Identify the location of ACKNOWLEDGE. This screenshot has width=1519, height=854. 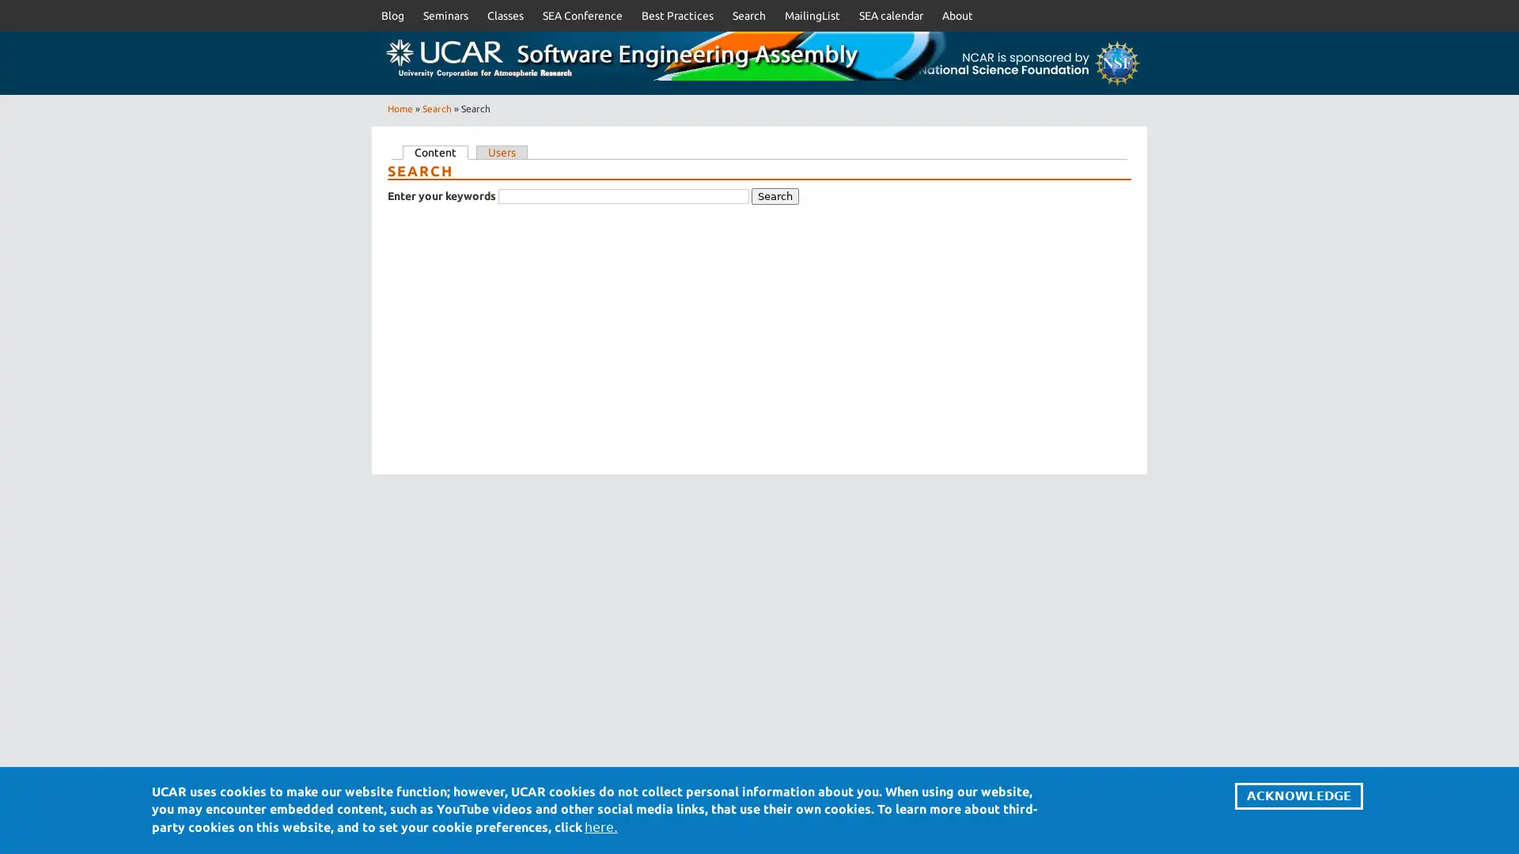
(1298, 795).